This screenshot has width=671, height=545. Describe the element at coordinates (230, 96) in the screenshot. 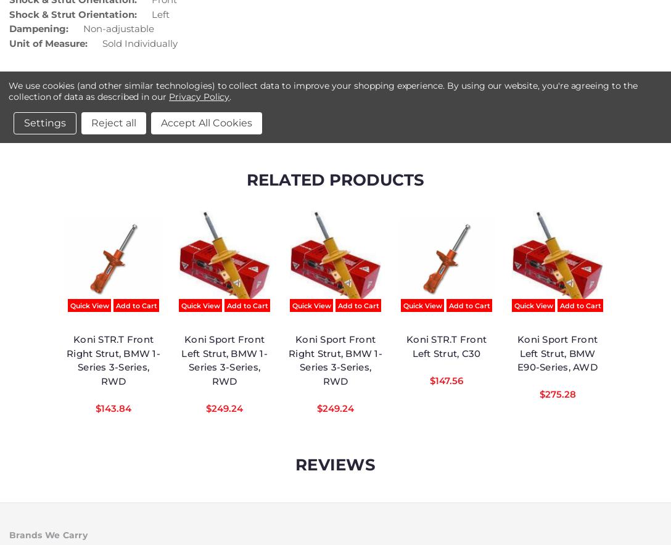

I see `'.'` at that location.